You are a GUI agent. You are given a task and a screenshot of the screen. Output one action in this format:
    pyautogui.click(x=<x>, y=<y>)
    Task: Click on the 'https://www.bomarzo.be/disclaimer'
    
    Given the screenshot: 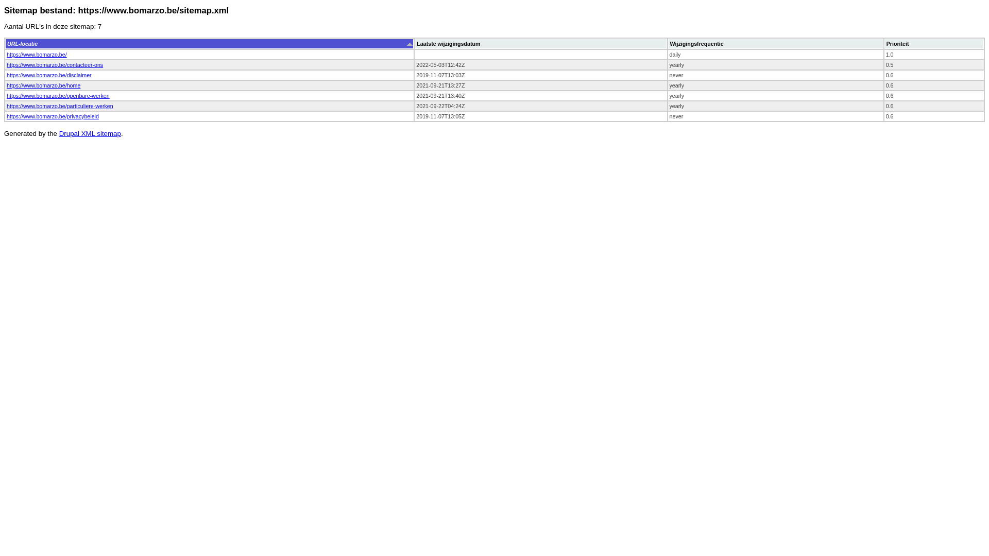 What is the action you would take?
    pyautogui.click(x=48, y=75)
    